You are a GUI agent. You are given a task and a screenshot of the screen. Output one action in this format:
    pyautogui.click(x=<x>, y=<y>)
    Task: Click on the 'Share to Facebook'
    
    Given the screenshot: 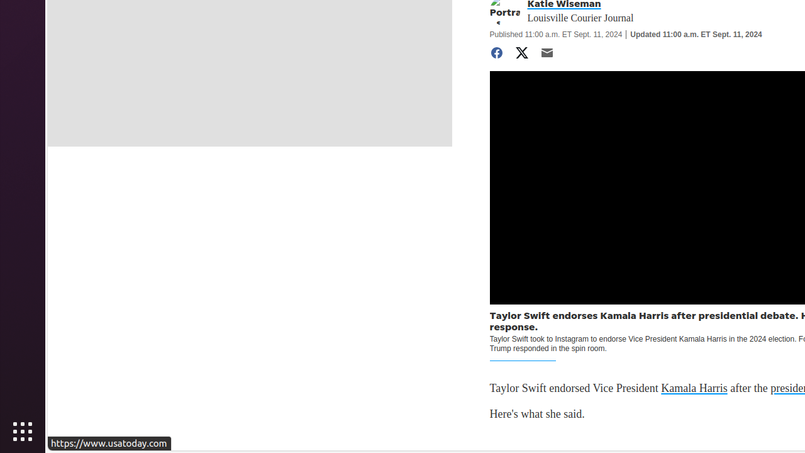 What is the action you would take?
    pyautogui.click(x=496, y=52)
    